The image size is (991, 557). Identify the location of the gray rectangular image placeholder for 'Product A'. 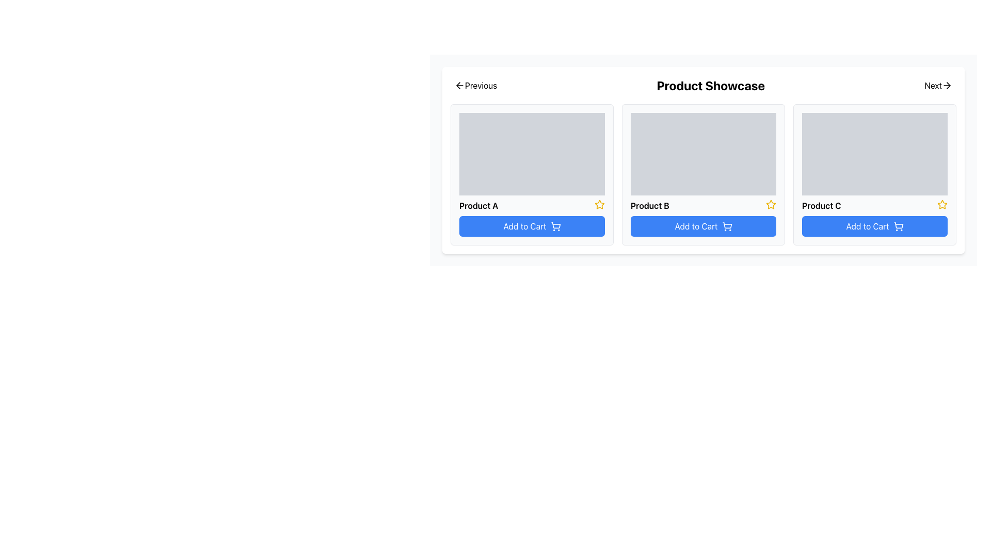
(532, 154).